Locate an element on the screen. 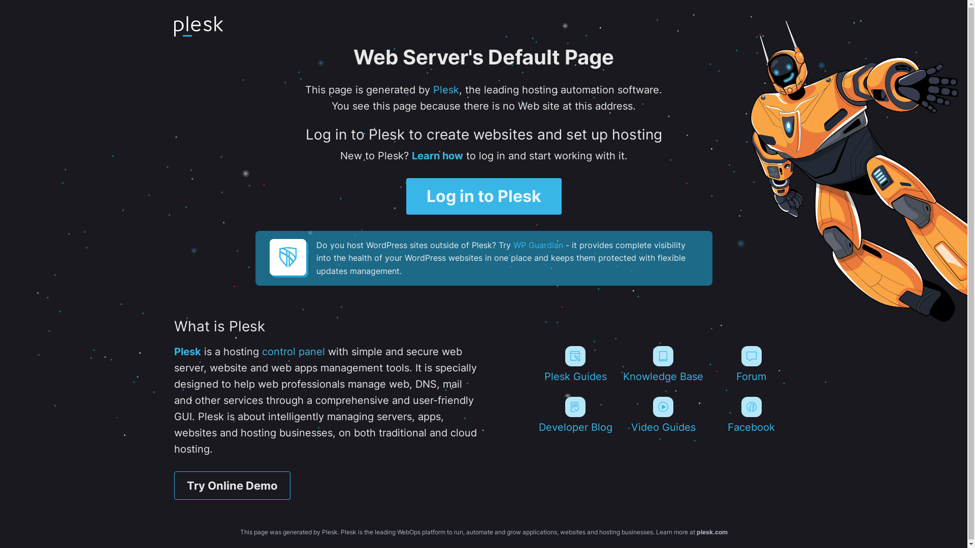  'Learn how' is located at coordinates (437, 156).